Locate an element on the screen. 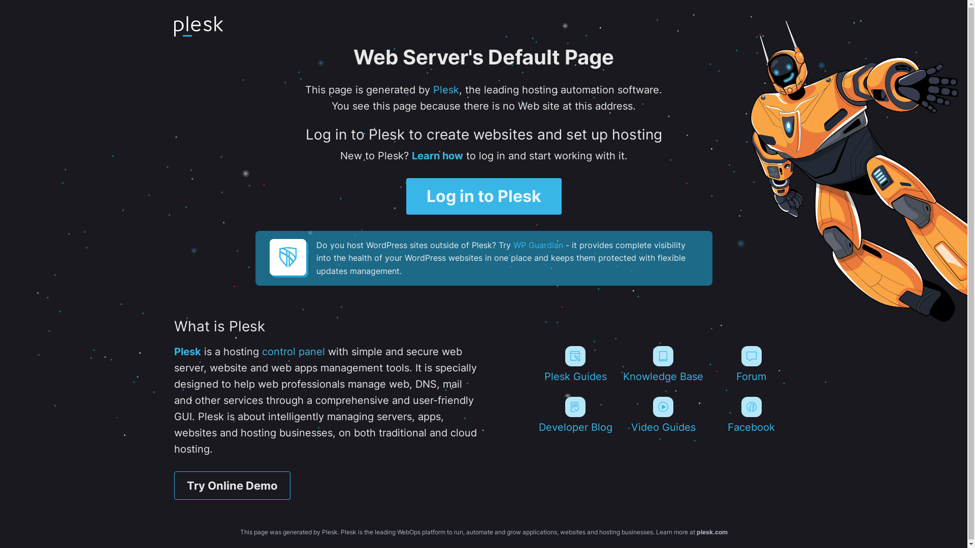  'Learn how' is located at coordinates (437, 156).